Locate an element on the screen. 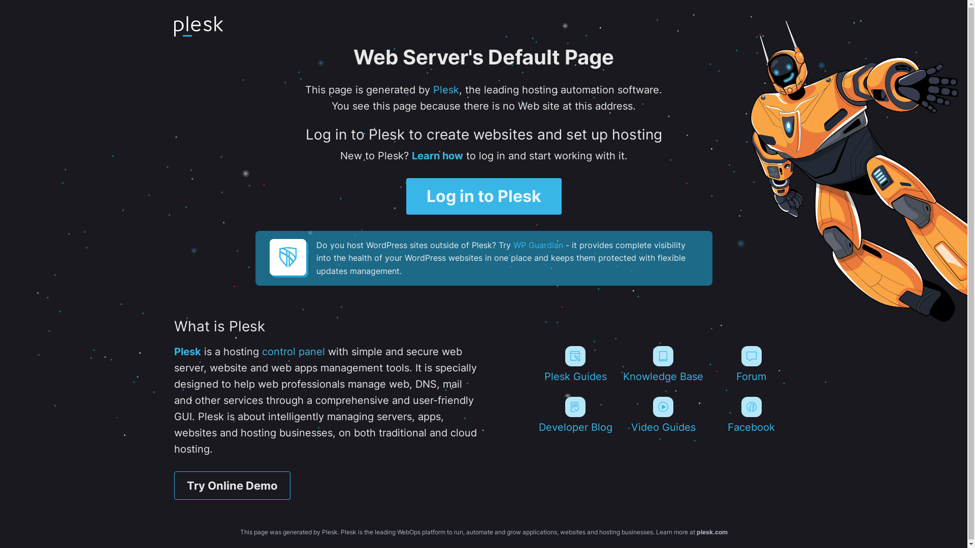  'Learn how' is located at coordinates (437, 156).